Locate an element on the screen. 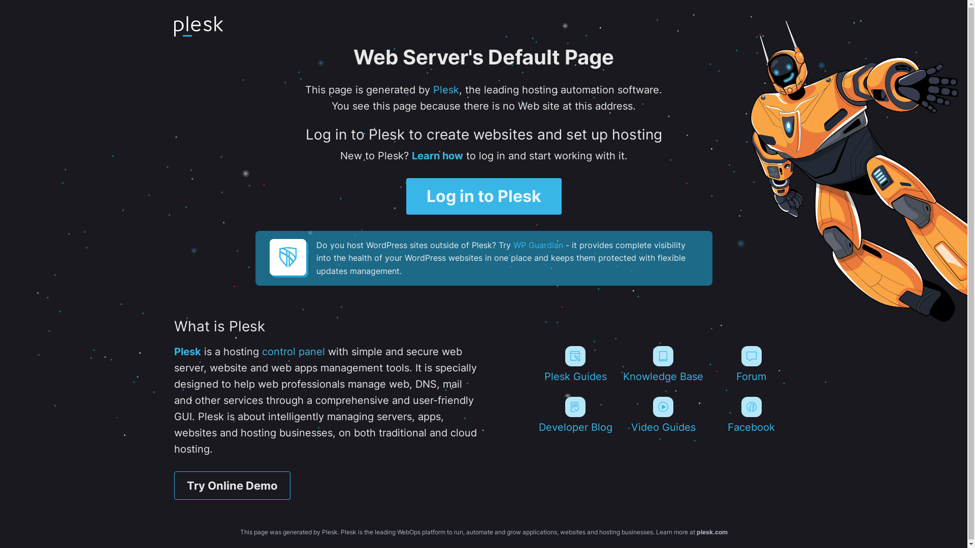  'Learn how' is located at coordinates (437, 156).